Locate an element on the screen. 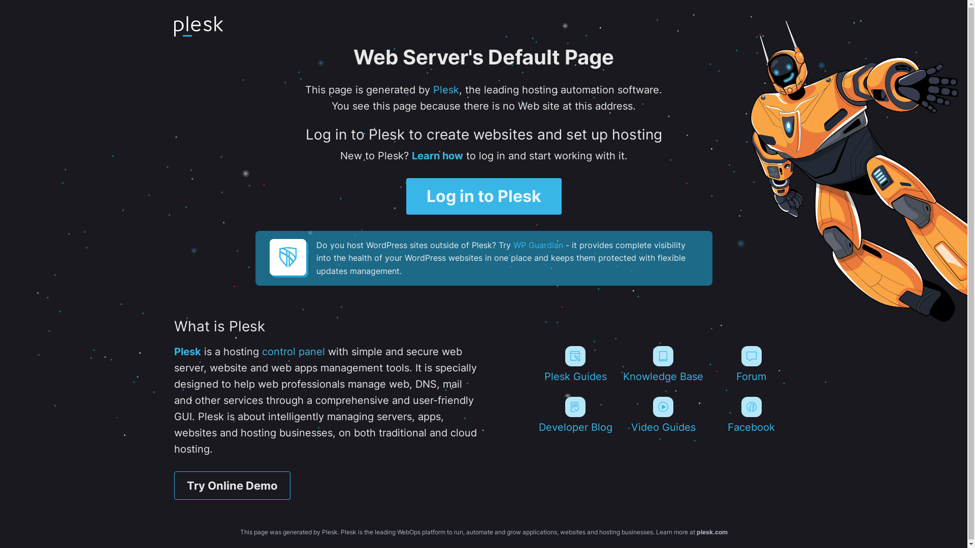  'Learn how' is located at coordinates (437, 156).